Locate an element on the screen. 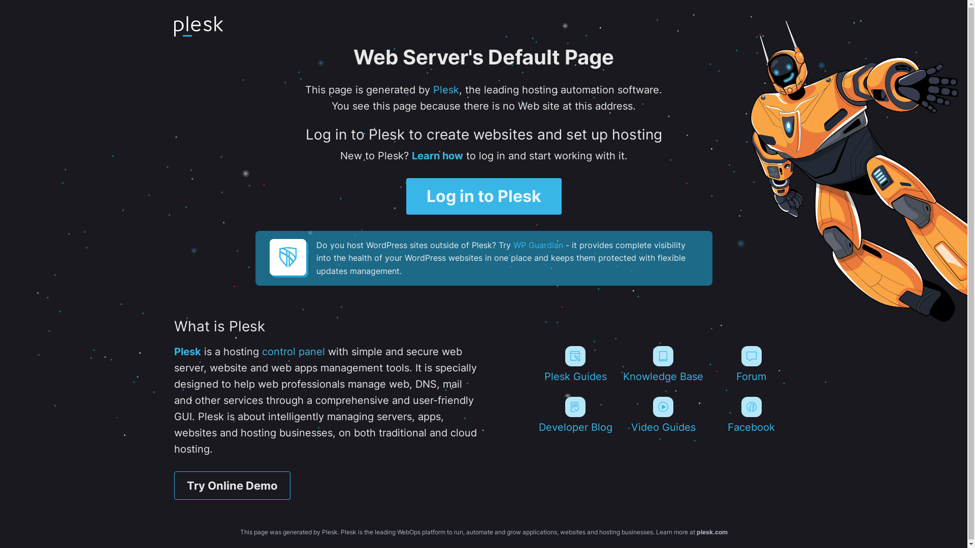  'Learn how' is located at coordinates (437, 156).